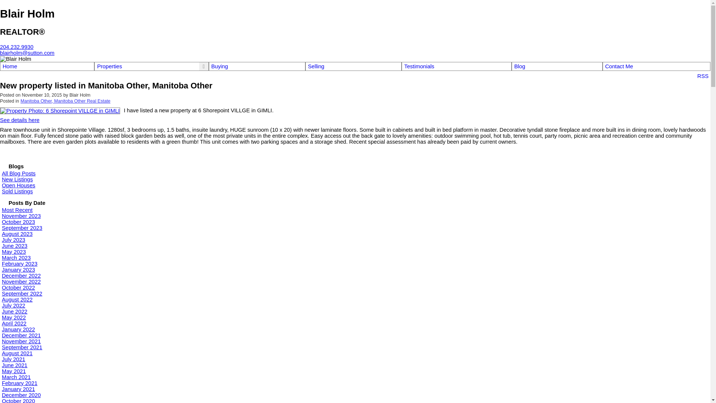 Image resolution: width=716 pixels, height=403 pixels. I want to click on 'RSS', so click(703, 76).